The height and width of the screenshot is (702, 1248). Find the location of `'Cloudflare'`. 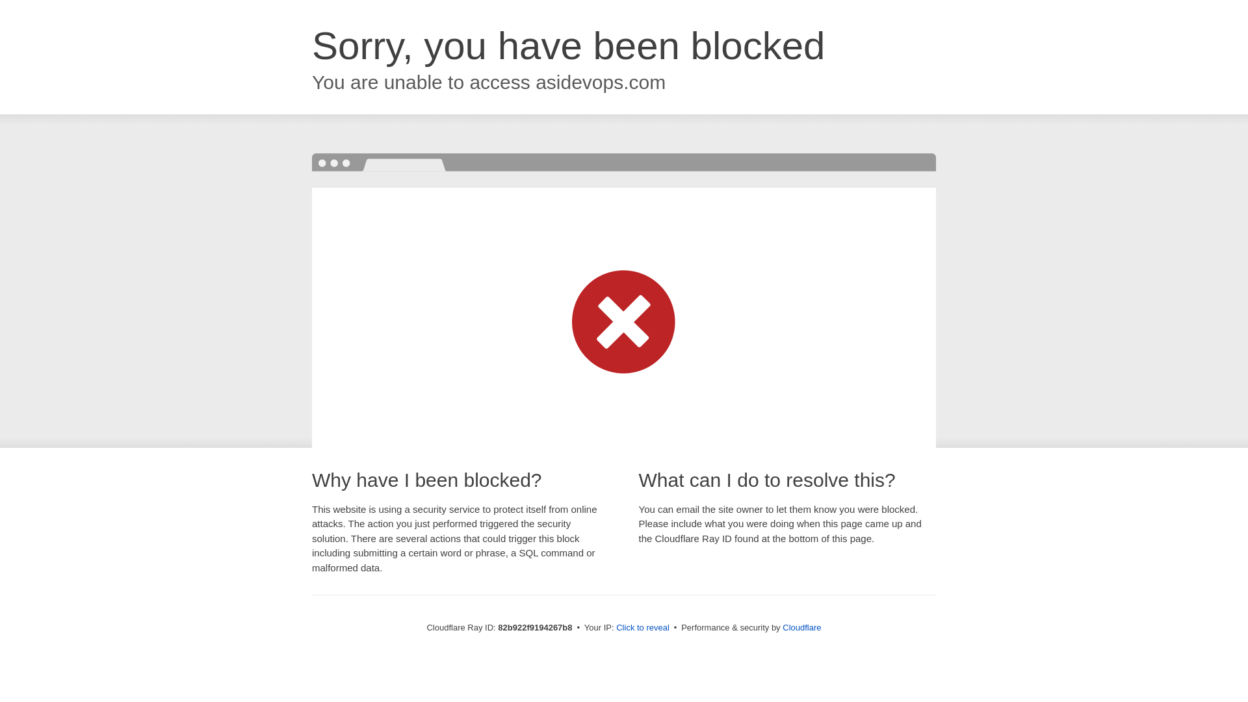

'Cloudflare' is located at coordinates (782, 627).